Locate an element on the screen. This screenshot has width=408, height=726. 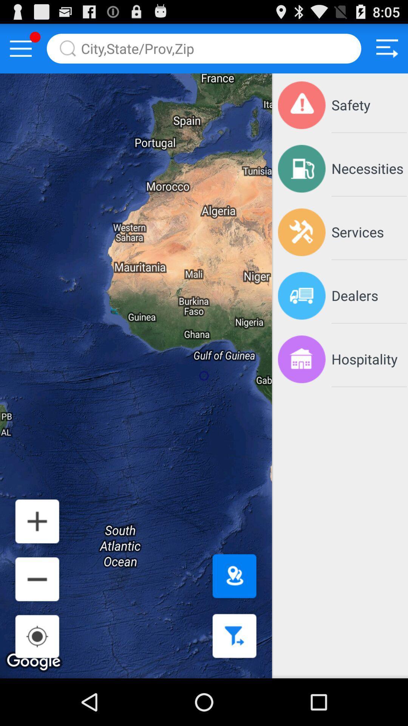
the filter icon is located at coordinates (231, 681).